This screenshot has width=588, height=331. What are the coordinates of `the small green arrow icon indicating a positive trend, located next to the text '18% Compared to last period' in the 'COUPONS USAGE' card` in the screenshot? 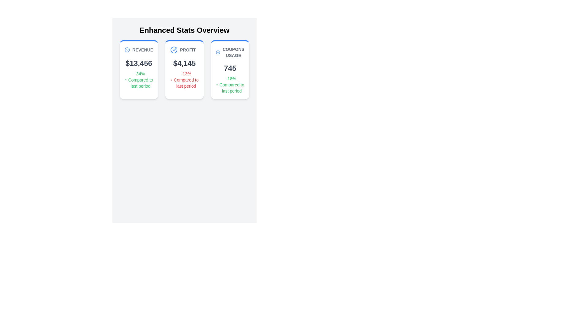 It's located at (217, 85).